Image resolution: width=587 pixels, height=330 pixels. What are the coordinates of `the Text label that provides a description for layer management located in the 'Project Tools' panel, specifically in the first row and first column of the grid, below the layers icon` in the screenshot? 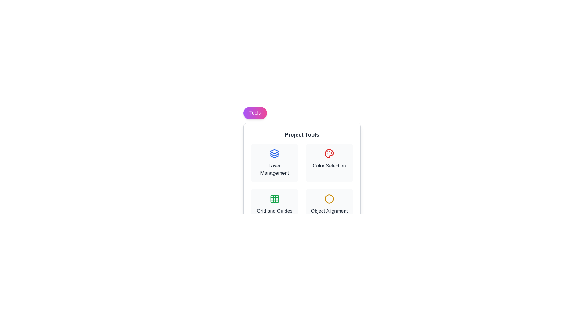 It's located at (274, 170).